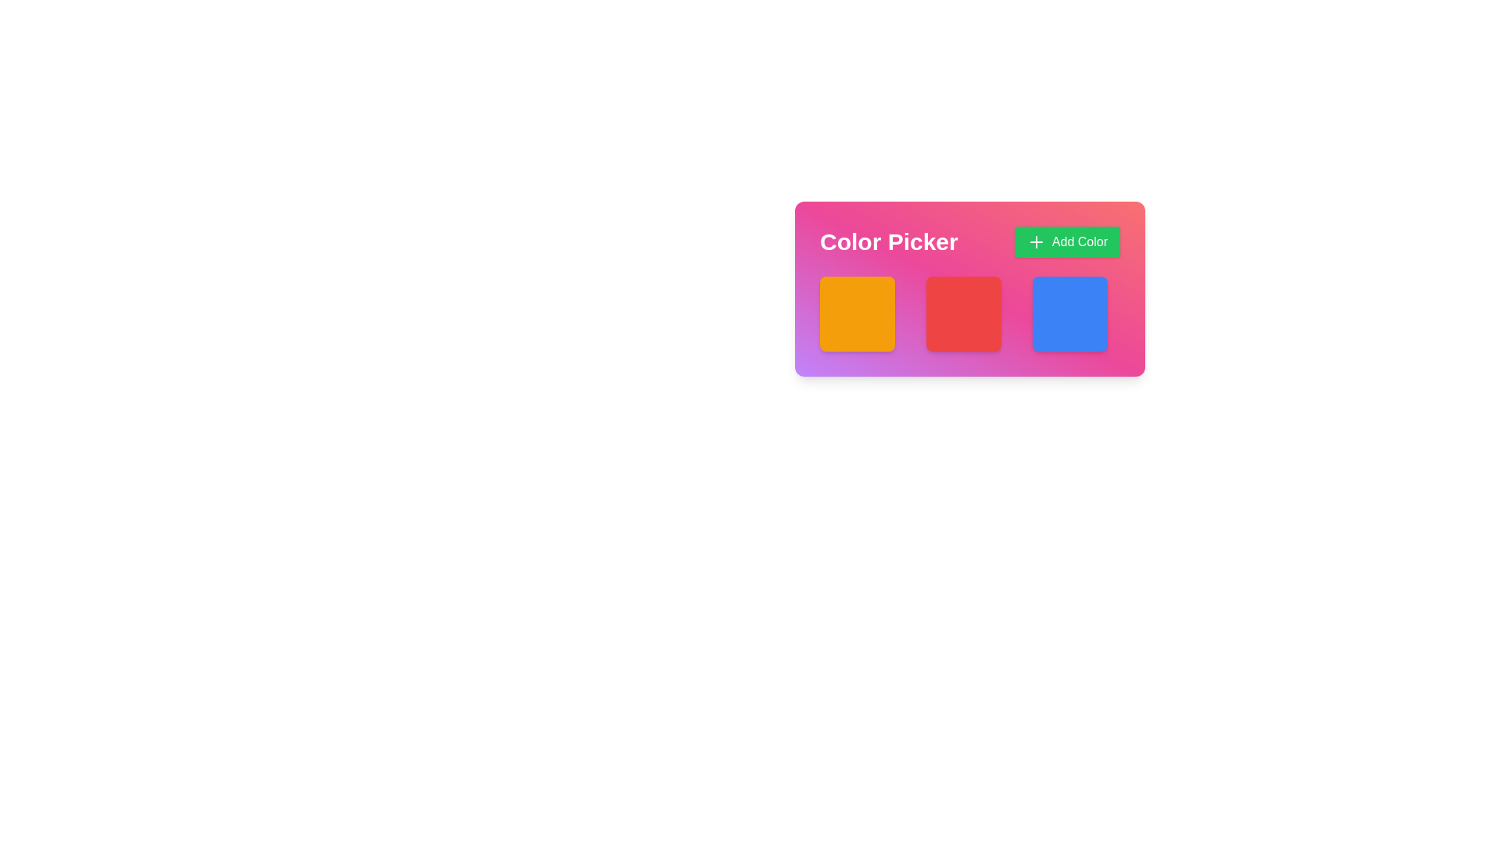 This screenshot has width=1501, height=844. Describe the element at coordinates (889, 241) in the screenshot. I see `the bold text header labeled 'Color Picker' which is styled in white font on a vibrant pink to purple gradient background, located on the left side next to the 'Add Color' green button` at that location.